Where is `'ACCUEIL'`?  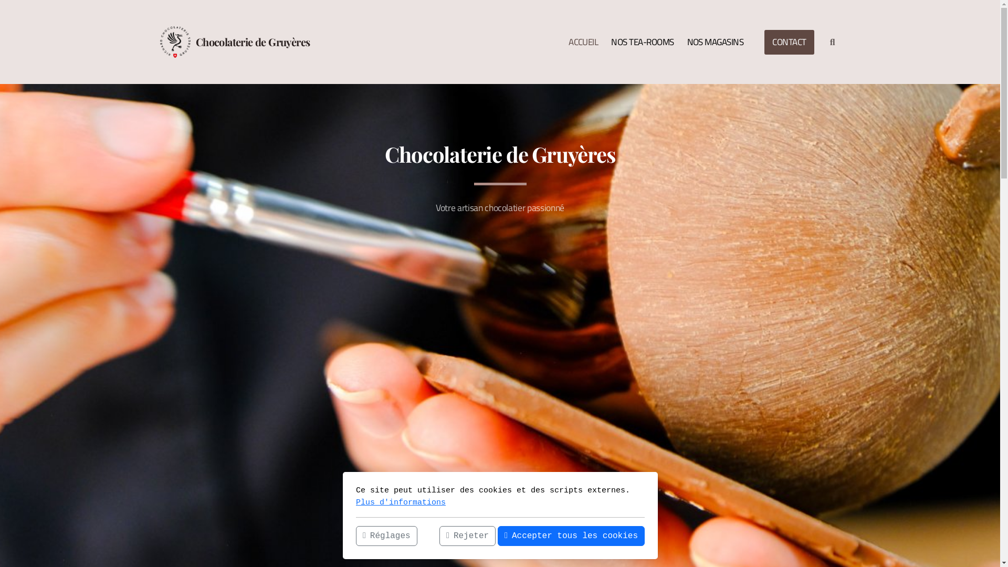
'ACCUEIL' is located at coordinates (563, 41).